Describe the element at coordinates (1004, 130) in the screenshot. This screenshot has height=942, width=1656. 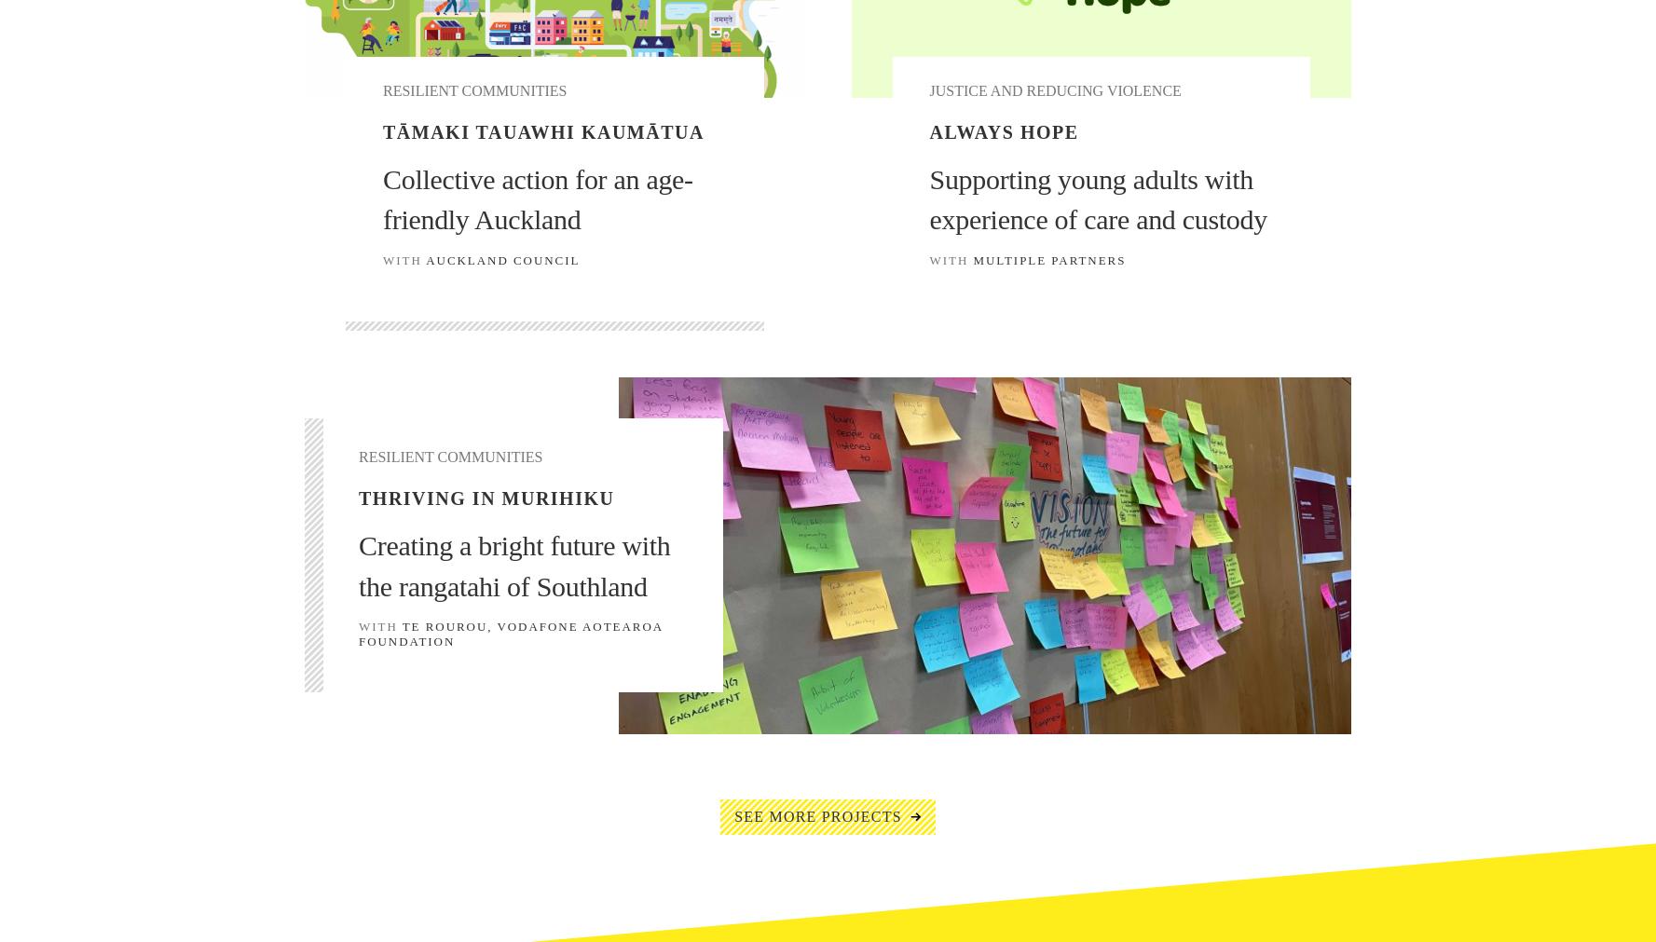
I see `'Always Hope'` at that location.